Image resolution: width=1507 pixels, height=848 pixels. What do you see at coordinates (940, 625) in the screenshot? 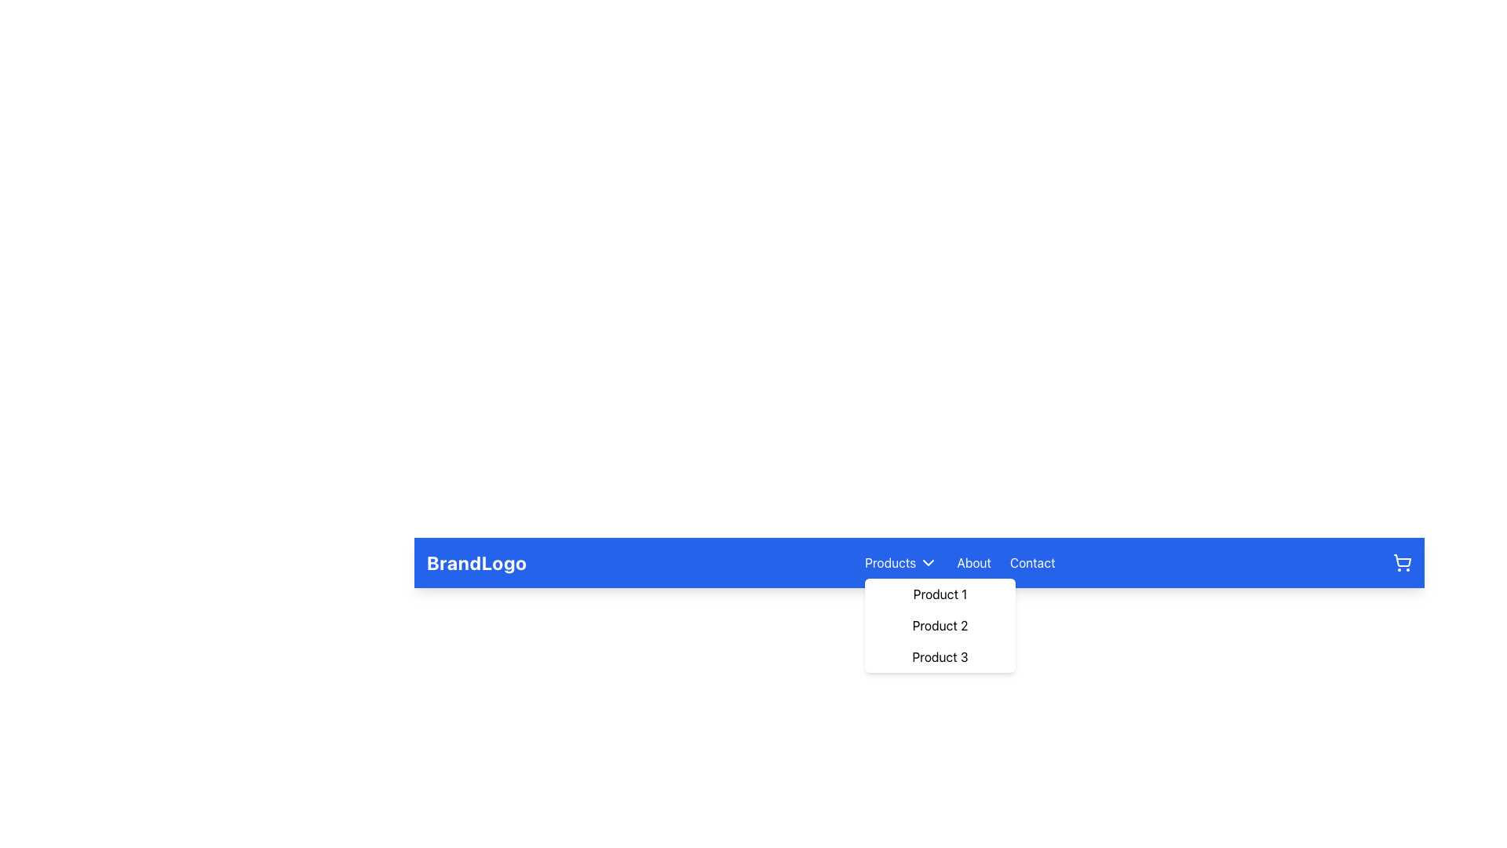
I see `the second item in the dropdown list labeled 'Product 2' to activate the hover styling effect` at bounding box center [940, 625].